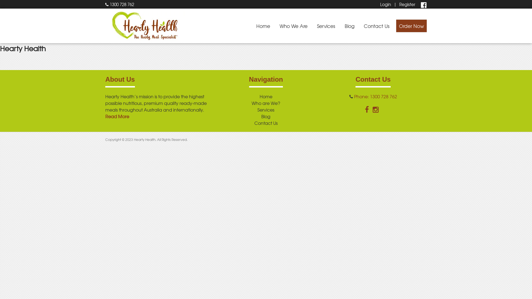 This screenshot has width=532, height=299. What do you see at coordinates (293, 26) in the screenshot?
I see `'Who We Are'` at bounding box center [293, 26].